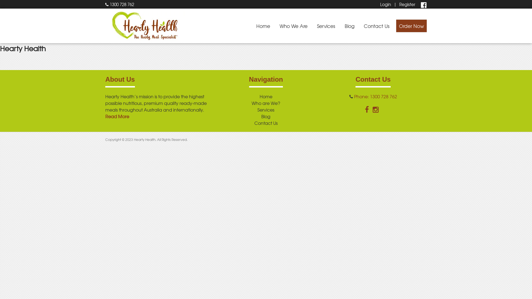 This screenshot has width=532, height=299. What do you see at coordinates (293, 26) in the screenshot?
I see `'Who We Are'` at bounding box center [293, 26].